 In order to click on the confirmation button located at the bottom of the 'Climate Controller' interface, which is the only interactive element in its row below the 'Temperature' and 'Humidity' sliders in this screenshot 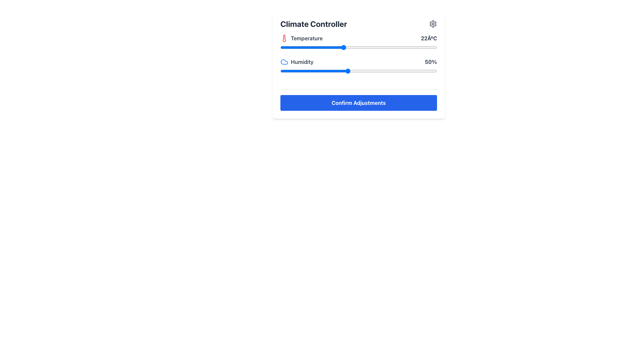, I will do `click(358, 103)`.